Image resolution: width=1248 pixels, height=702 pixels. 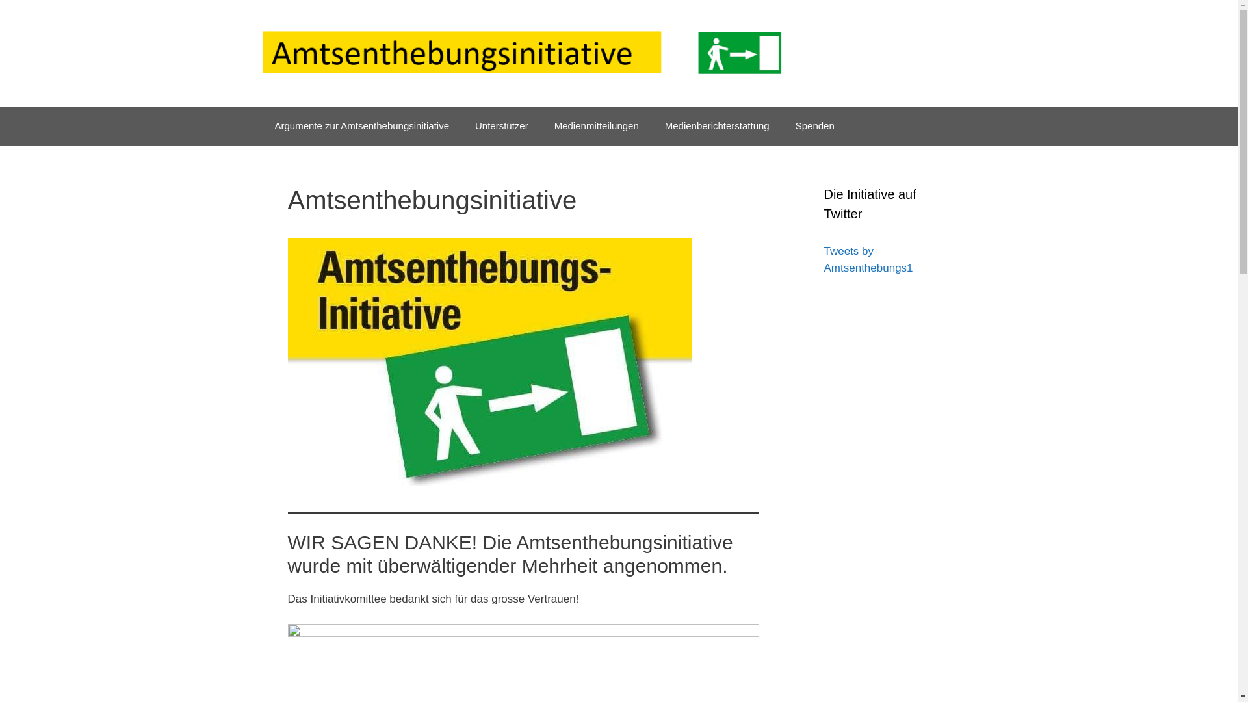 What do you see at coordinates (868, 259) in the screenshot?
I see `'Tweets by Amtsenthebungs1'` at bounding box center [868, 259].